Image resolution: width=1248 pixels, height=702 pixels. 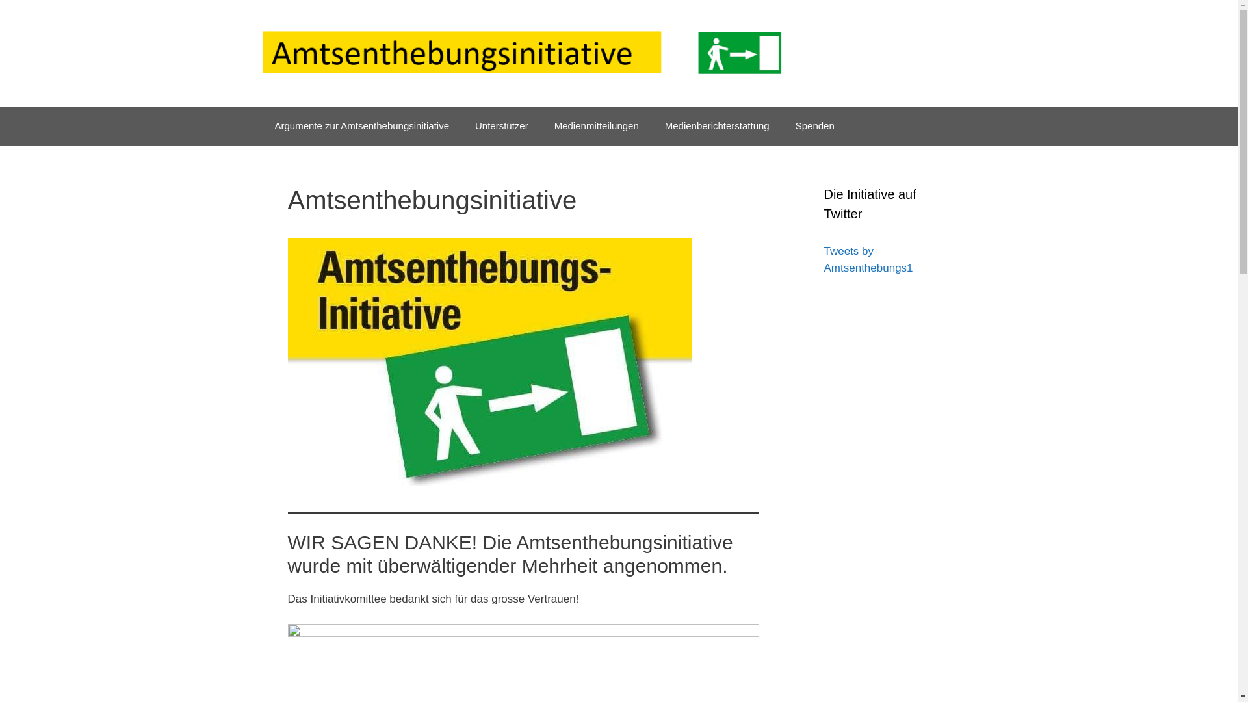 What do you see at coordinates (868, 259) in the screenshot?
I see `'Tweets by Amtsenthebungs1'` at bounding box center [868, 259].